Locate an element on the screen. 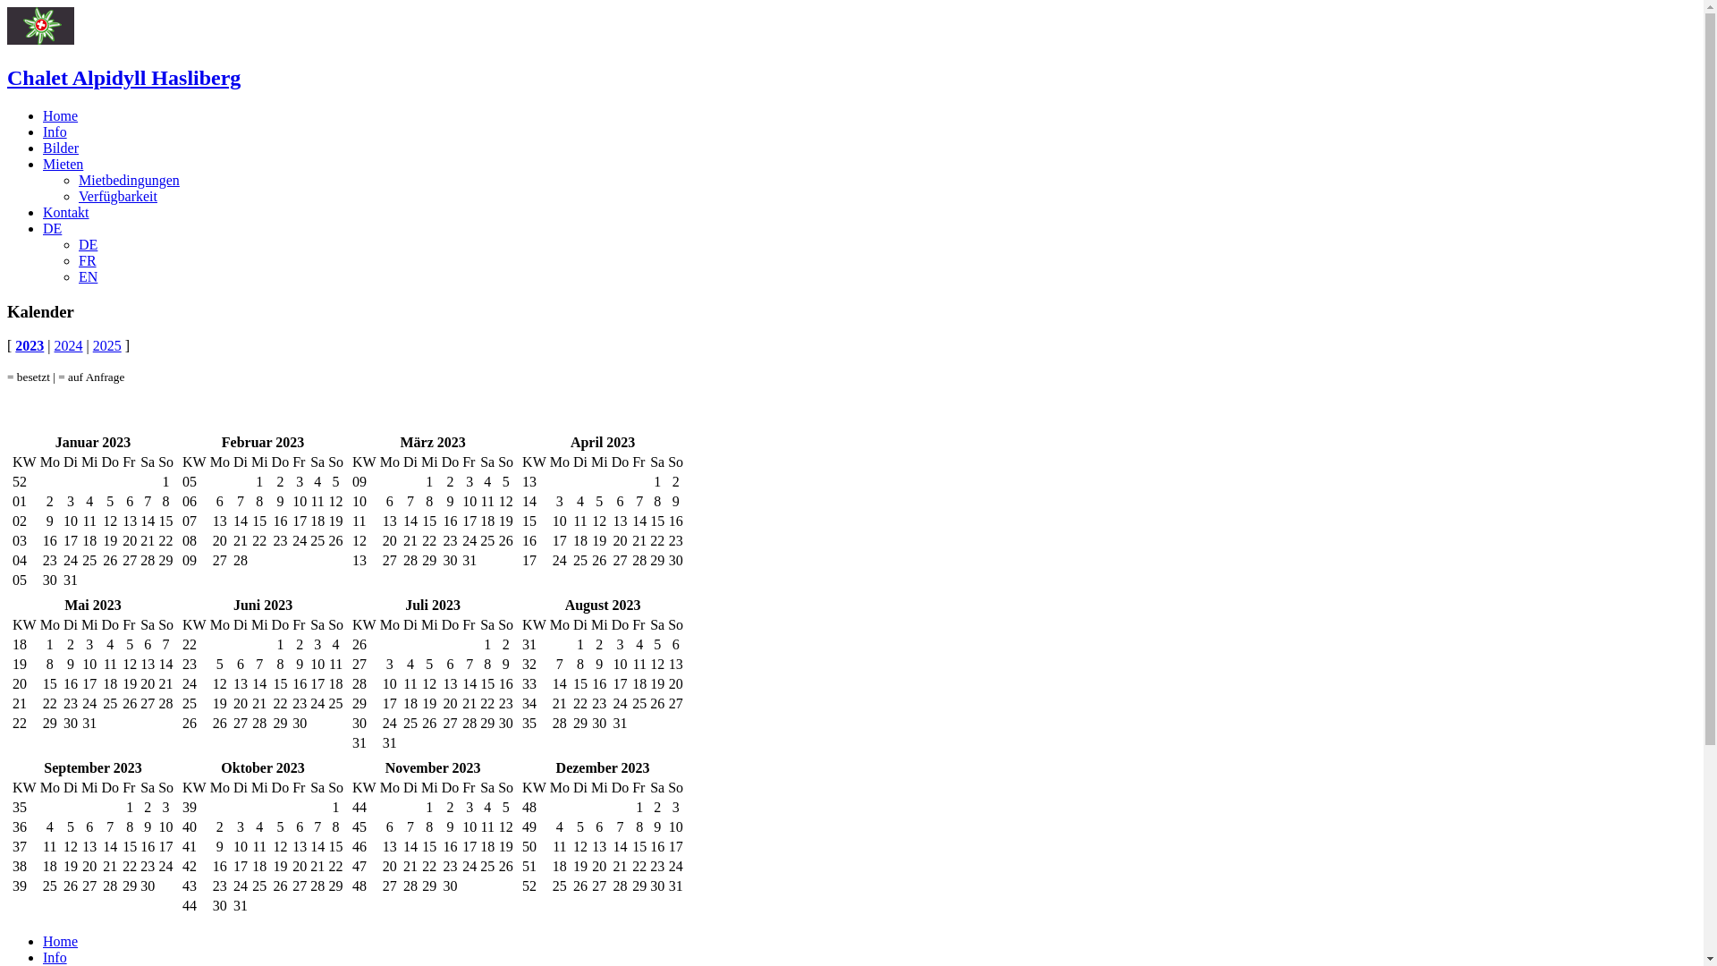 The height and width of the screenshot is (966, 1717). '2024' is located at coordinates (68, 345).